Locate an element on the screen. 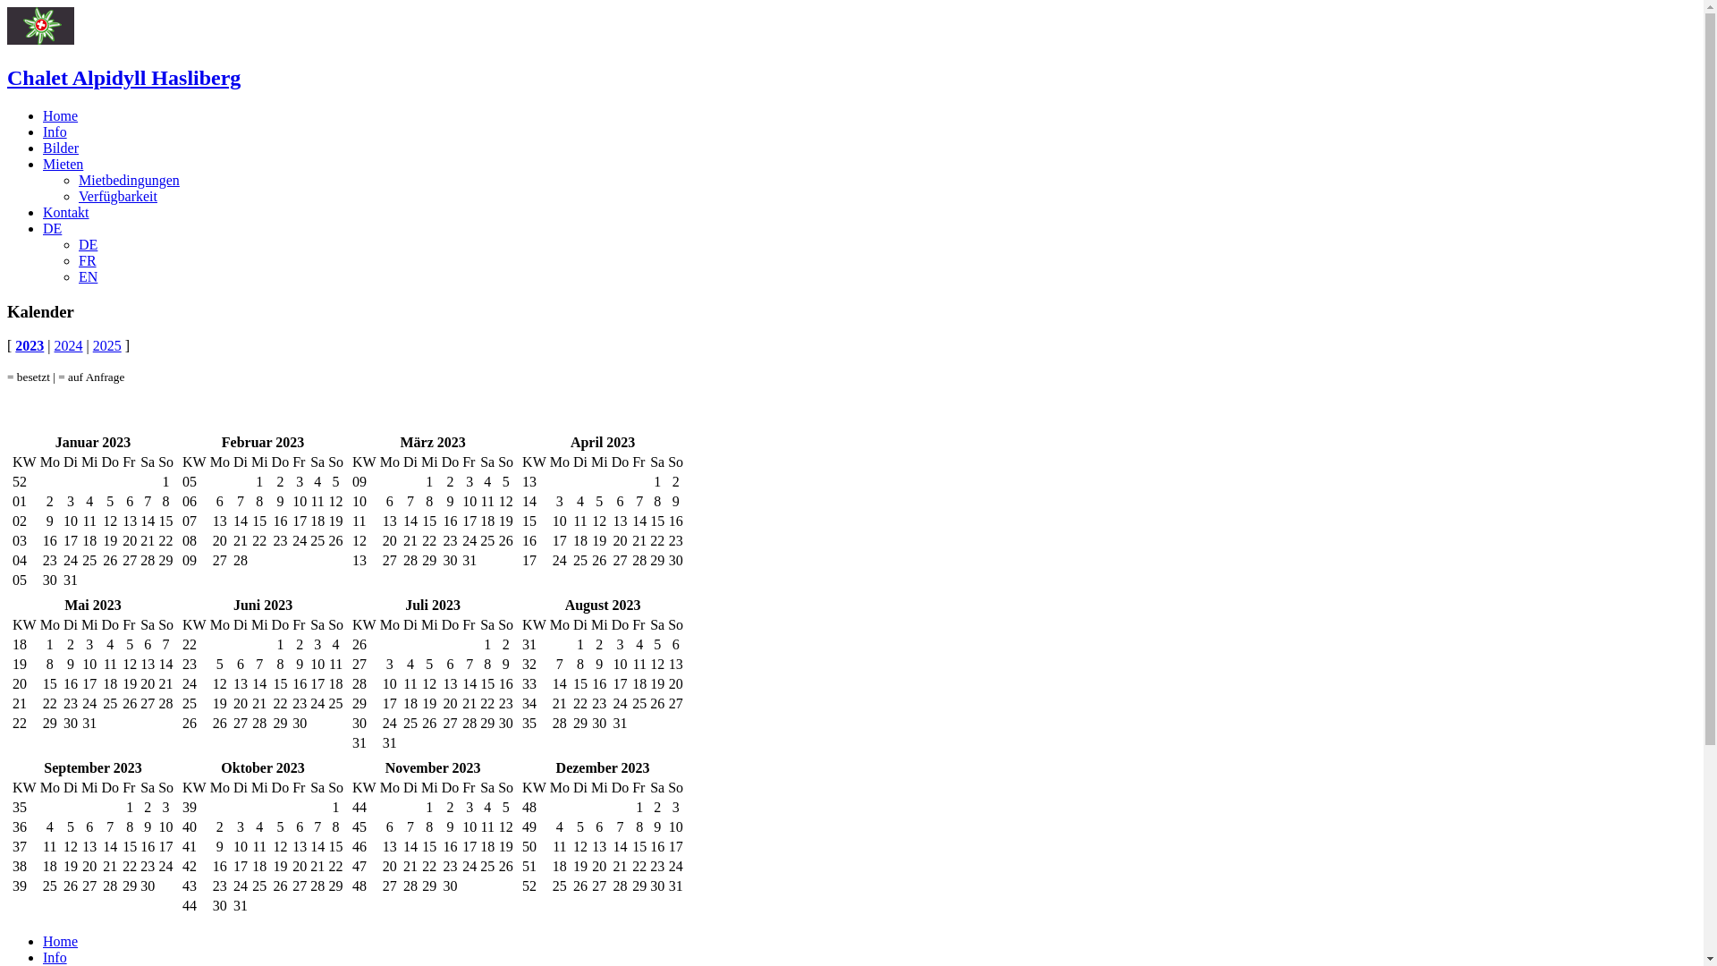 The height and width of the screenshot is (966, 1717). '2024' is located at coordinates (68, 345).